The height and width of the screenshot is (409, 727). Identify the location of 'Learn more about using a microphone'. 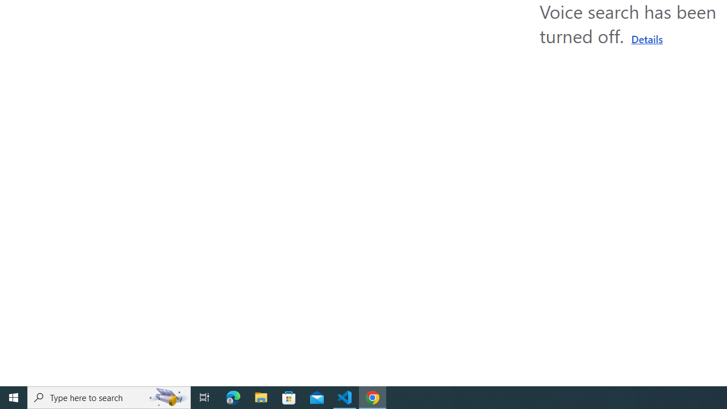
(647, 38).